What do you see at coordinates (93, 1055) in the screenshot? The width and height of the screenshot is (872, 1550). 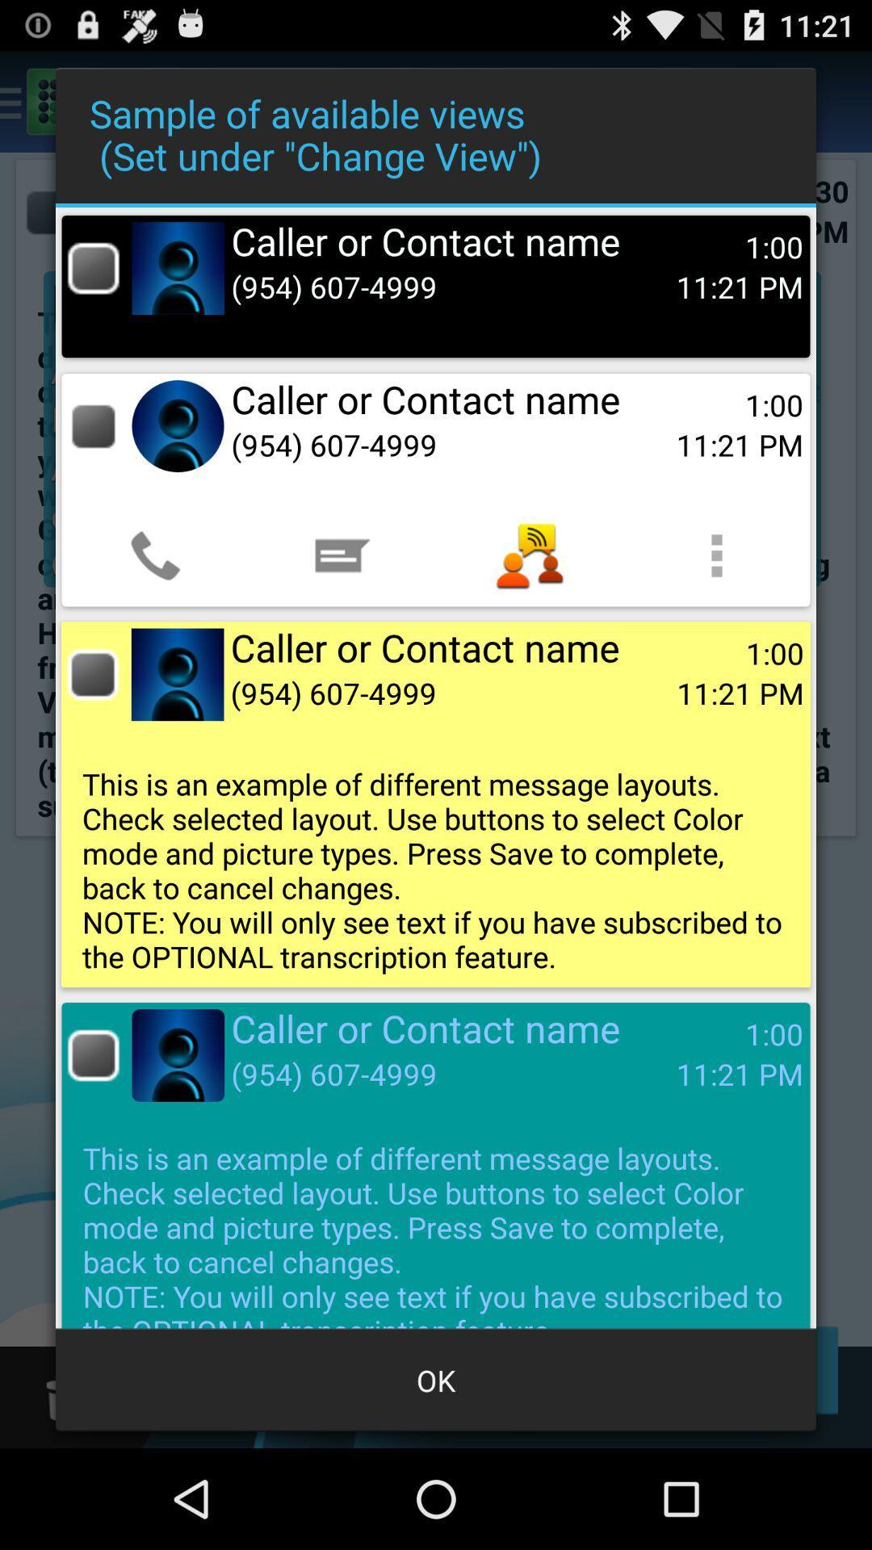 I see `check the option` at bounding box center [93, 1055].